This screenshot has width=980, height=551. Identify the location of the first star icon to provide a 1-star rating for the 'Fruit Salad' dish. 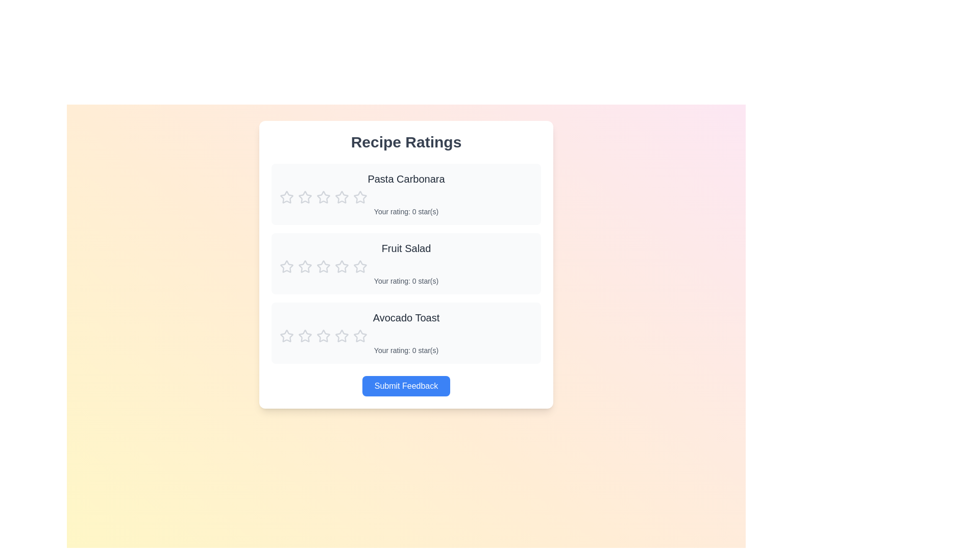
(286, 266).